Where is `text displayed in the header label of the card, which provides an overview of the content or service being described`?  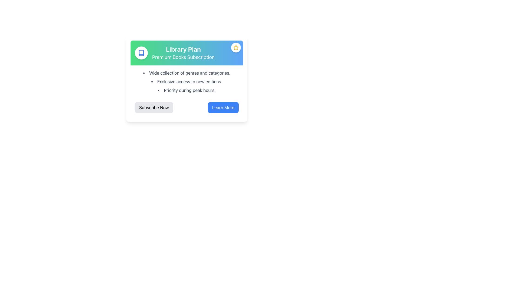
text displayed in the header label of the card, which provides an overview of the content or service being described is located at coordinates (183, 53).